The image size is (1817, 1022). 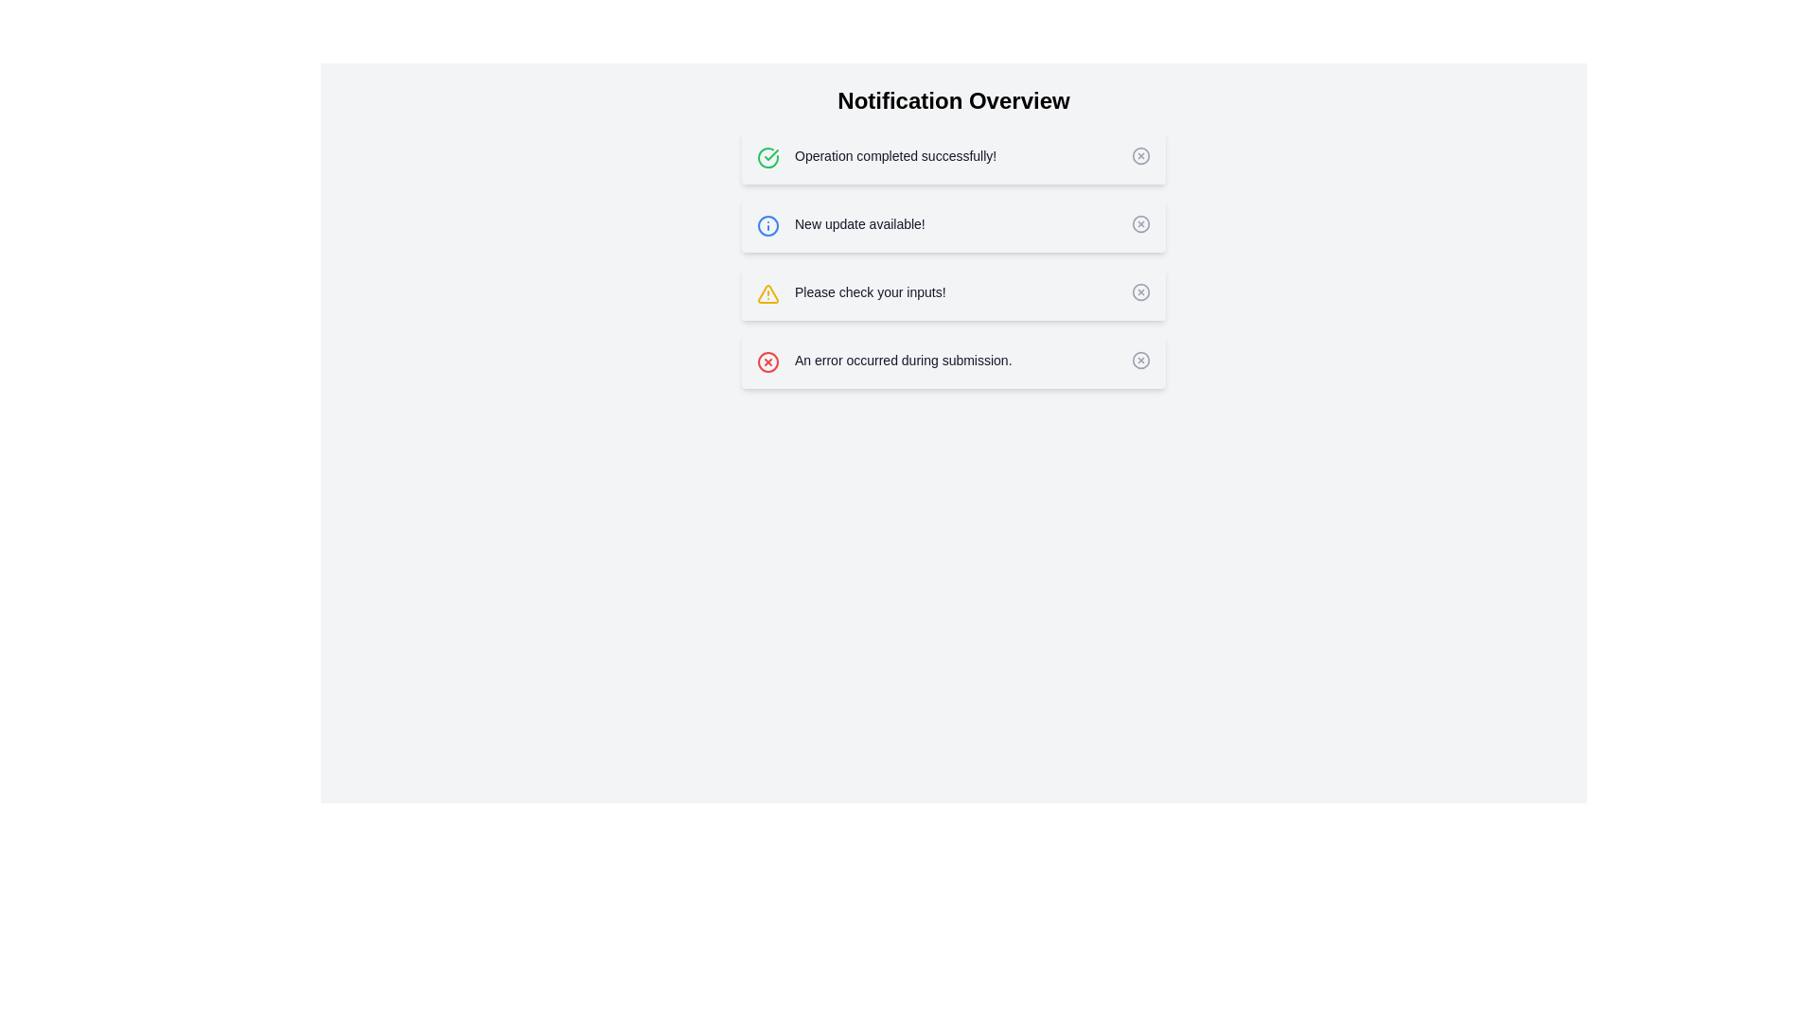 What do you see at coordinates (767, 361) in the screenshot?
I see `the error icon located in the top-left corner of the notification card that states 'An error occurred during submission.' This icon is positioned to the left of the message text` at bounding box center [767, 361].